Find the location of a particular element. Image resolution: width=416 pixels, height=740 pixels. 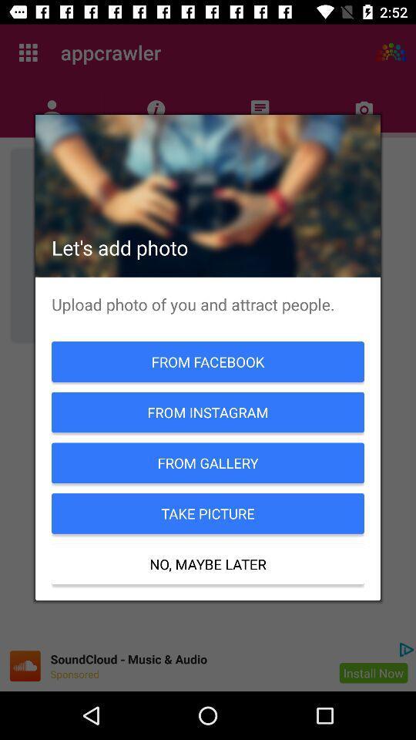

from facebook is located at coordinates (208, 362).